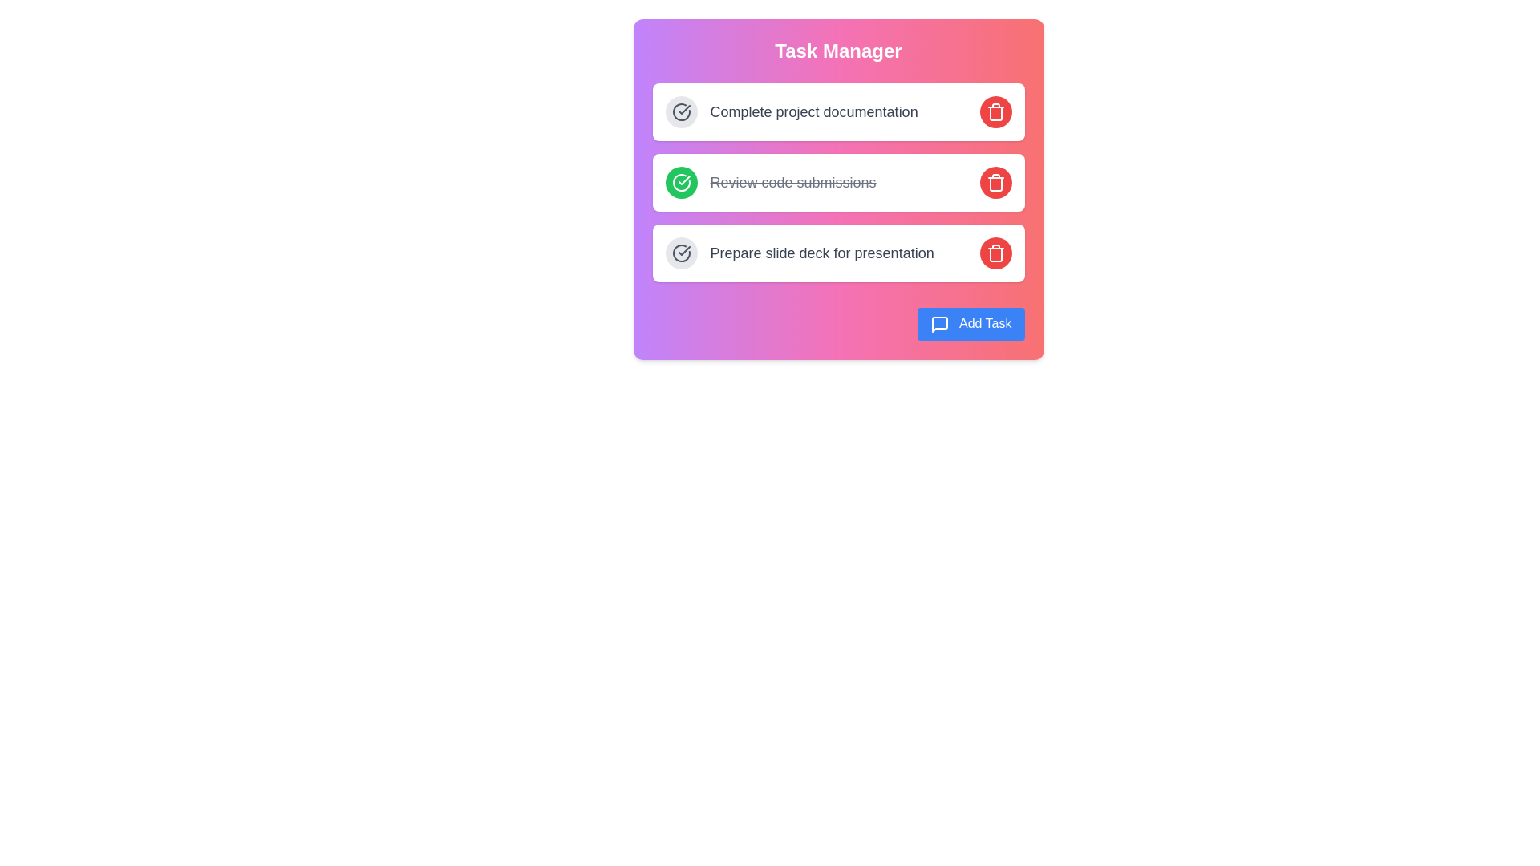 The image size is (1540, 866). Describe the element at coordinates (995, 111) in the screenshot. I see `the delete button for the task 'Complete project documentation'` at that location.